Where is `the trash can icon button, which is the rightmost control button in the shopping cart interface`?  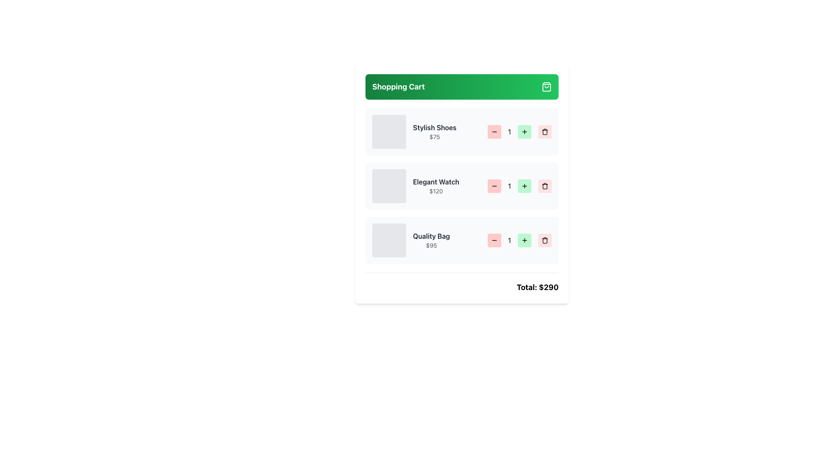 the trash can icon button, which is the rightmost control button in the shopping cart interface is located at coordinates (545, 240).